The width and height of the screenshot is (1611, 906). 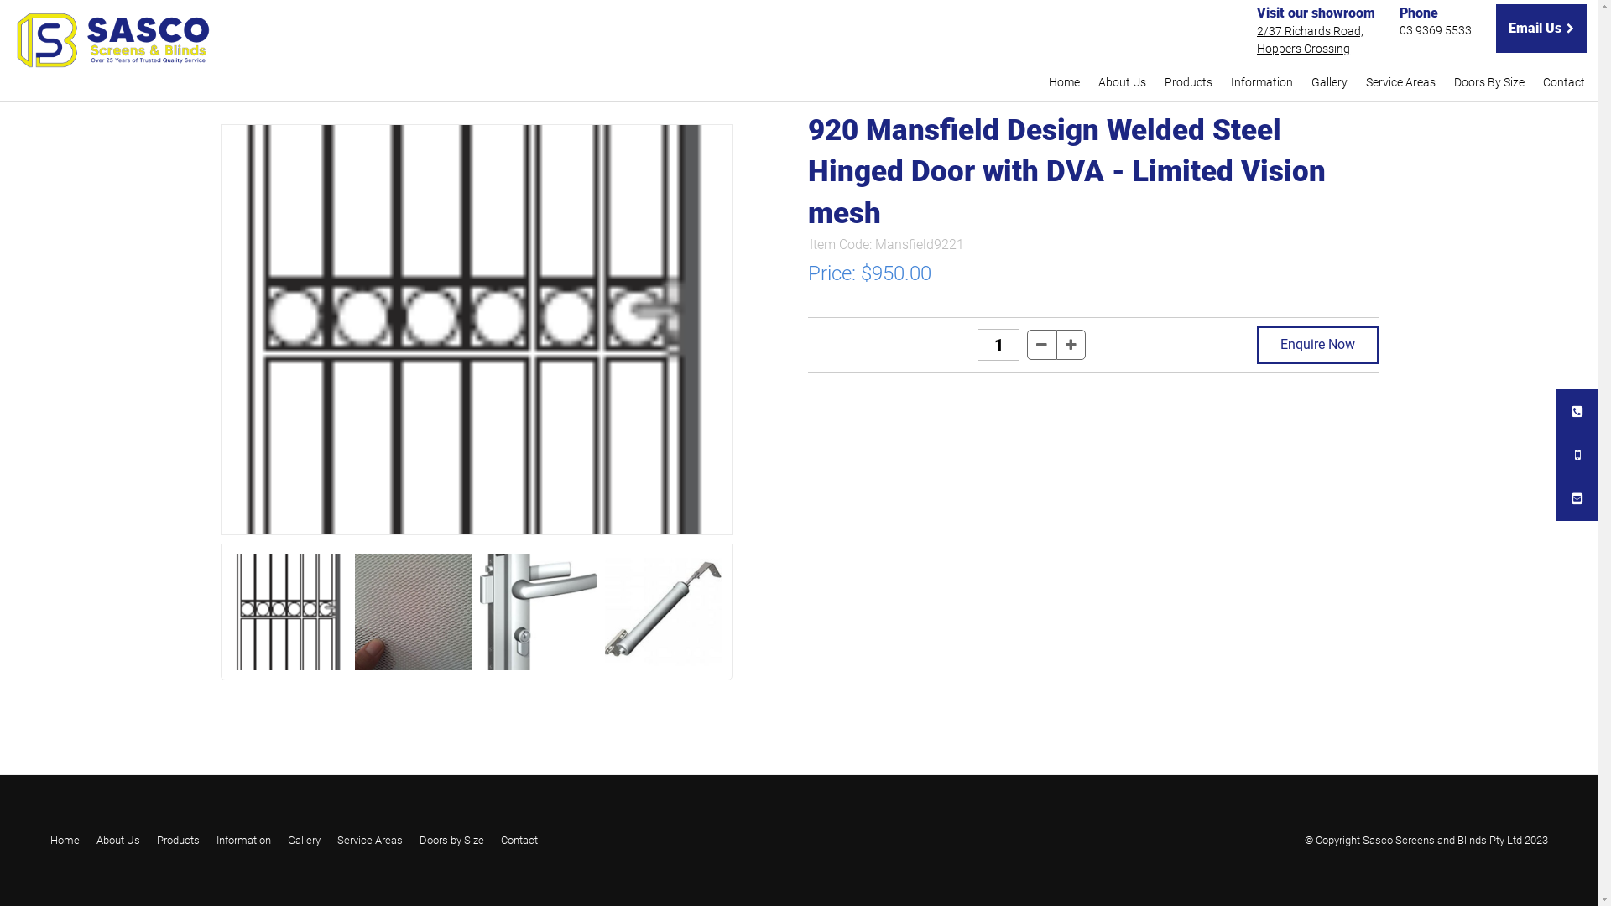 I want to click on 'Information', so click(x=1261, y=82).